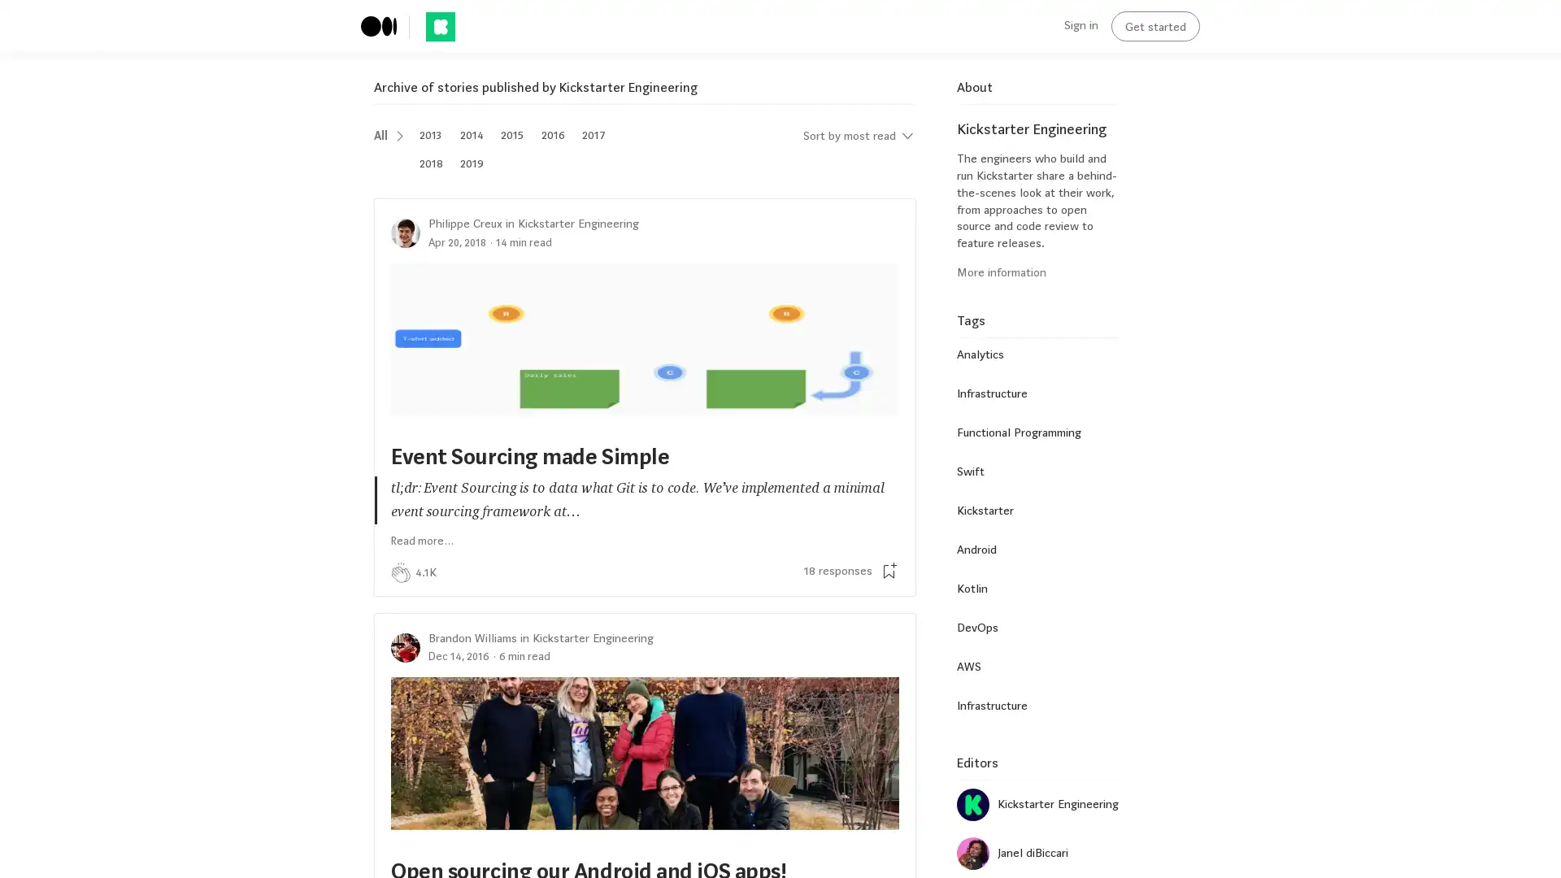 Image resolution: width=1561 pixels, height=878 pixels. What do you see at coordinates (858, 135) in the screenshot?
I see `Sort by most read` at bounding box center [858, 135].